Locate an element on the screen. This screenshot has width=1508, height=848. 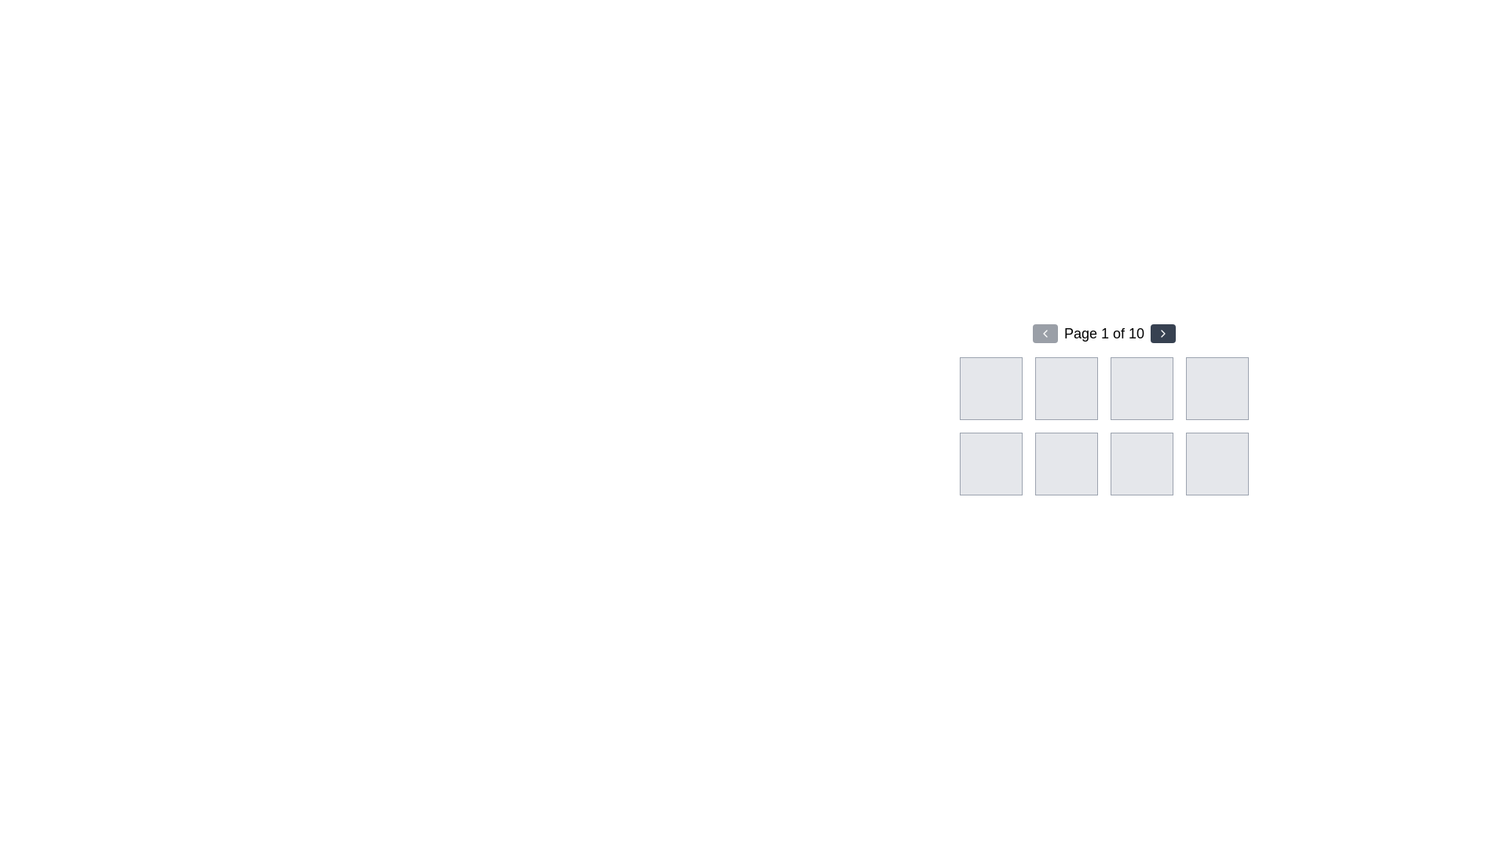
the square-shaped grid cell with a light gray background and dark border located in the first row, second column of the grid is located at coordinates (1067, 388).